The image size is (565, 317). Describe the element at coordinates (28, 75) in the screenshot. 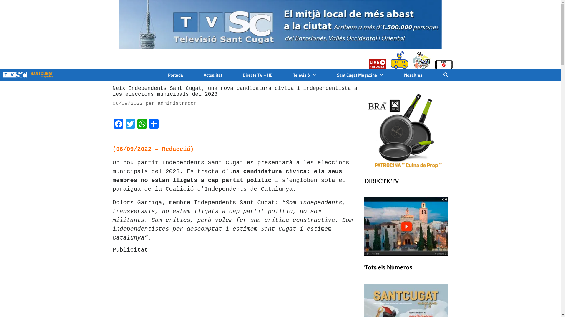

I see `'TV SantCugat.cat'` at that location.